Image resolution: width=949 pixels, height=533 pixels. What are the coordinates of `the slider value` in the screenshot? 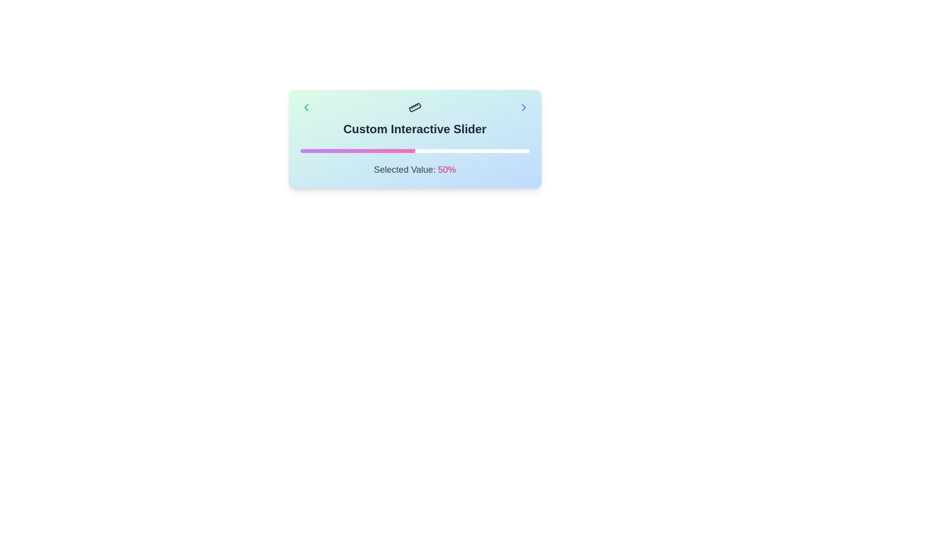 It's located at (396, 151).